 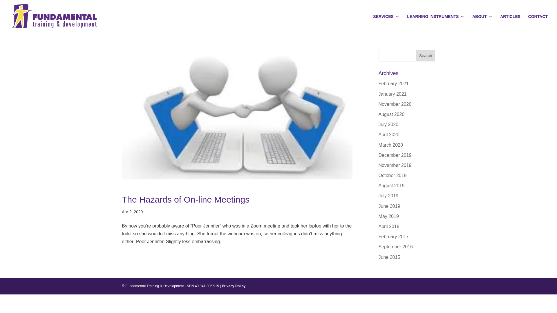 What do you see at coordinates (379, 134) in the screenshot?
I see `'April 2020'` at bounding box center [379, 134].